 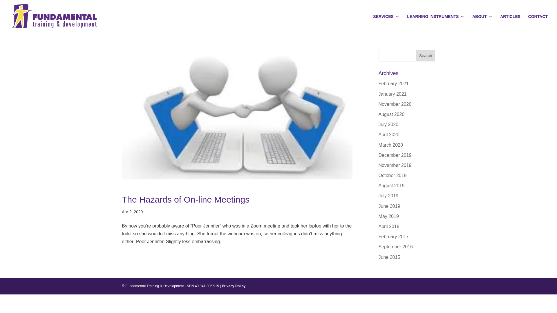 What do you see at coordinates (379, 134) in the screenshot?
I see `'April 2020'` at bounding box center [379, 134].